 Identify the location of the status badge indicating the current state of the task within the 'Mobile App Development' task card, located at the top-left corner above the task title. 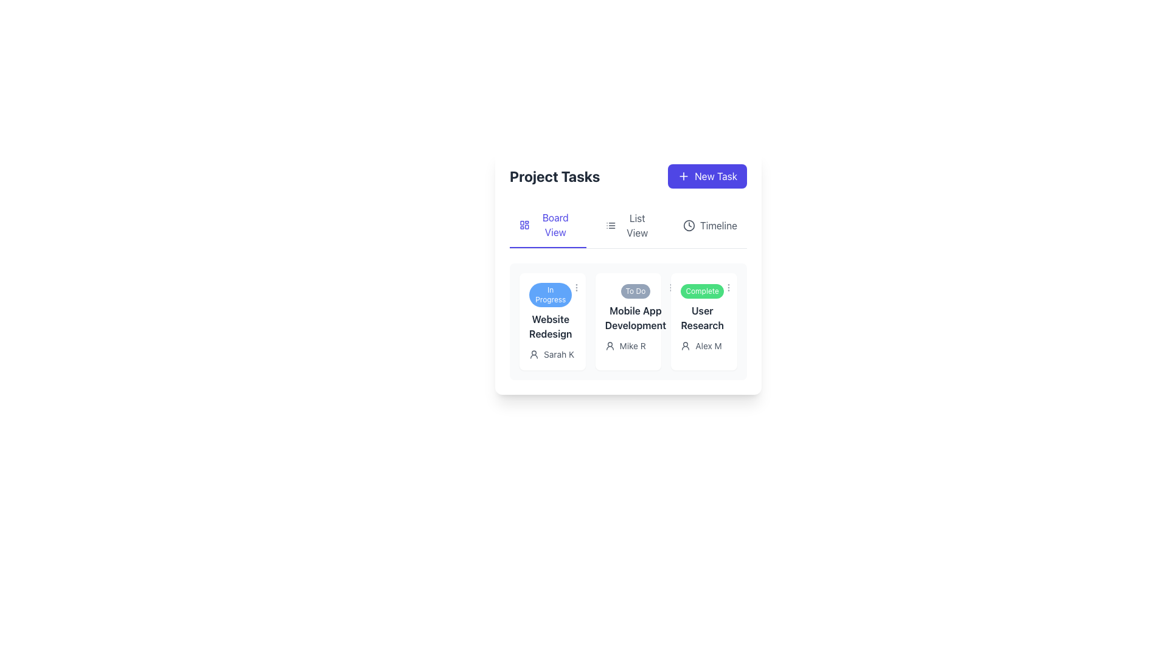
(634, 291).